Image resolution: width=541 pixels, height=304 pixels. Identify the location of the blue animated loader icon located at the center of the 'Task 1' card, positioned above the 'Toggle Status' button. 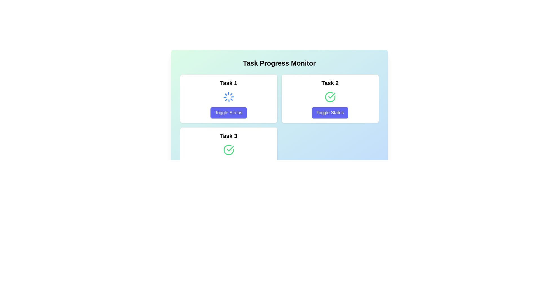
(229, 97).